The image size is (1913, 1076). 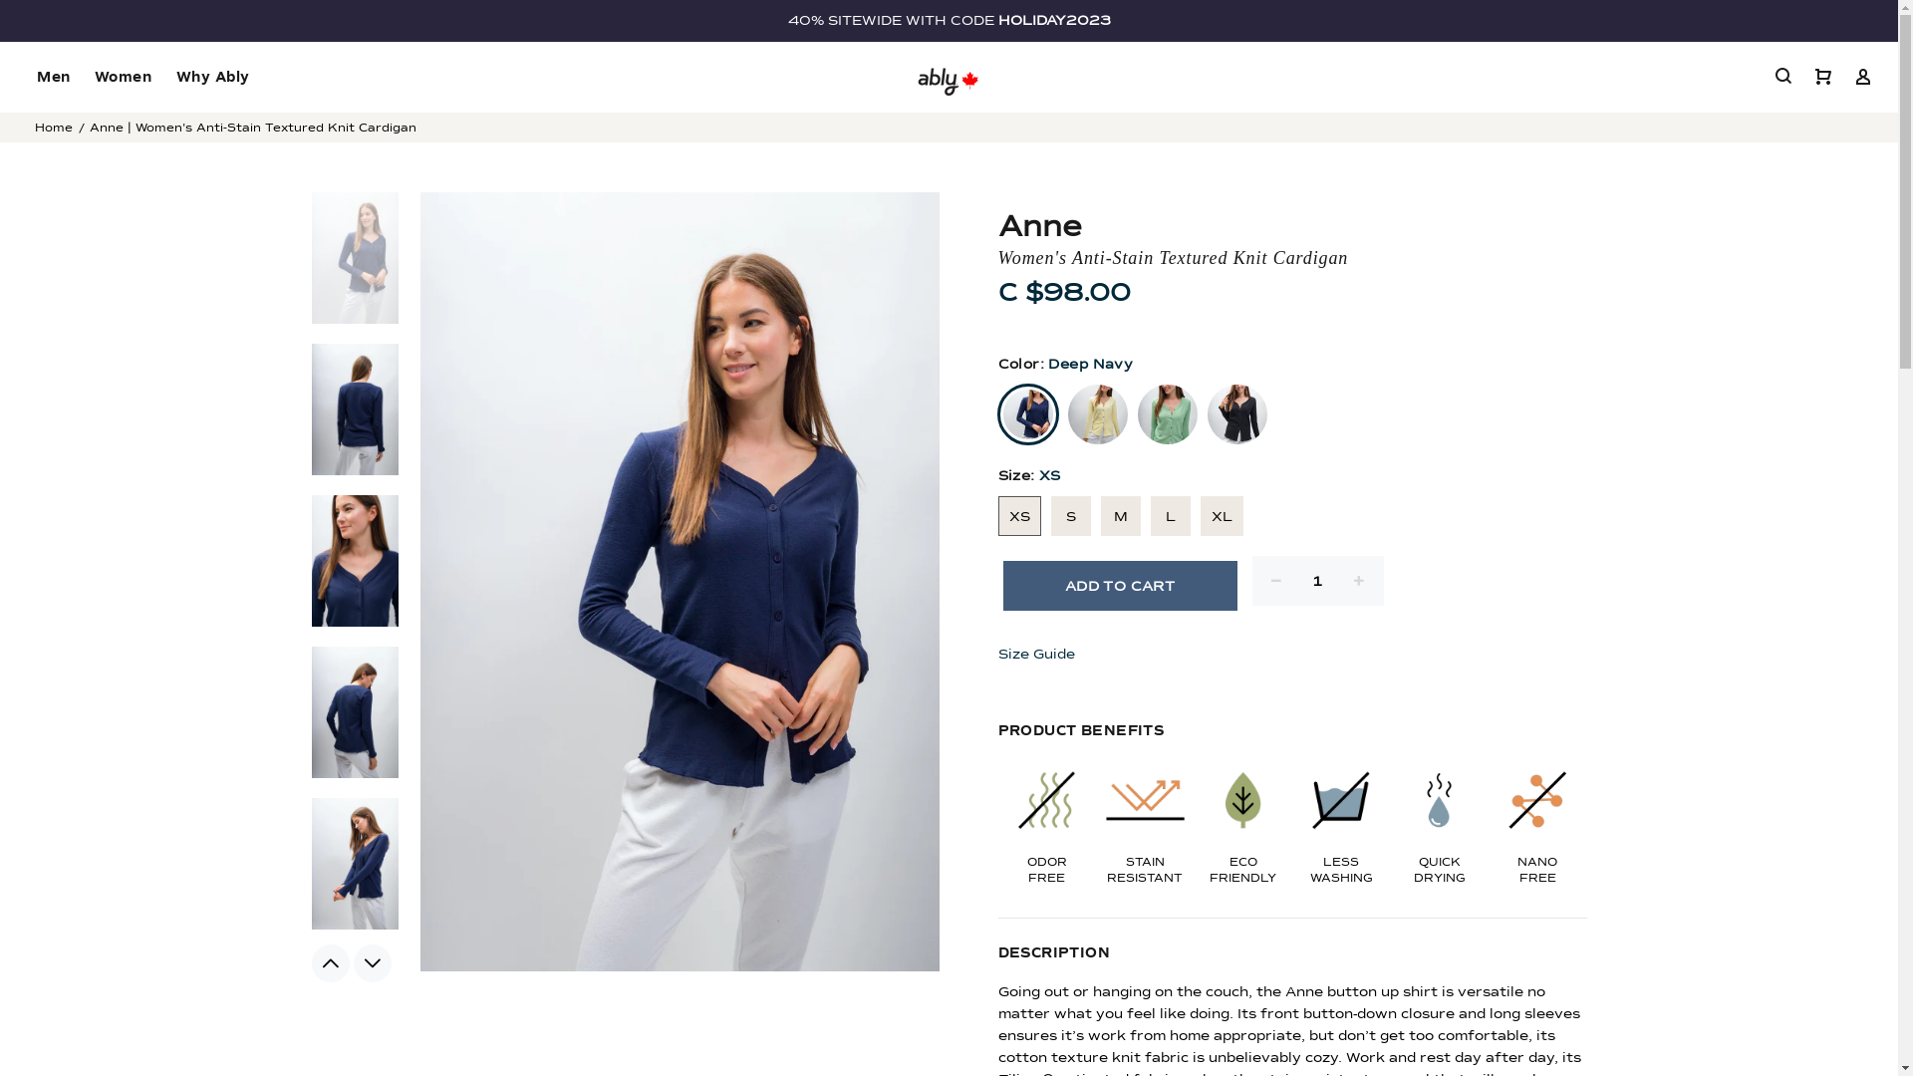 What do you see at coordinates (1038, 654) in the screenshot?
I see `'Size Guide'` at bounding box center [1038, 654].